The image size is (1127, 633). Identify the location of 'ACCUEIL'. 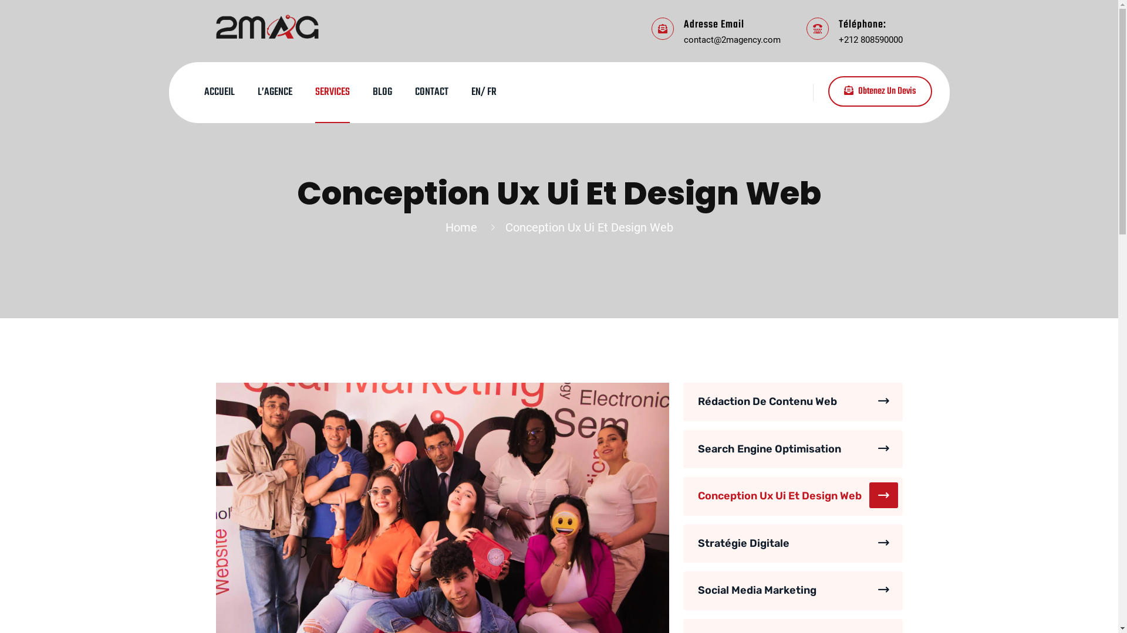
(220, 92).